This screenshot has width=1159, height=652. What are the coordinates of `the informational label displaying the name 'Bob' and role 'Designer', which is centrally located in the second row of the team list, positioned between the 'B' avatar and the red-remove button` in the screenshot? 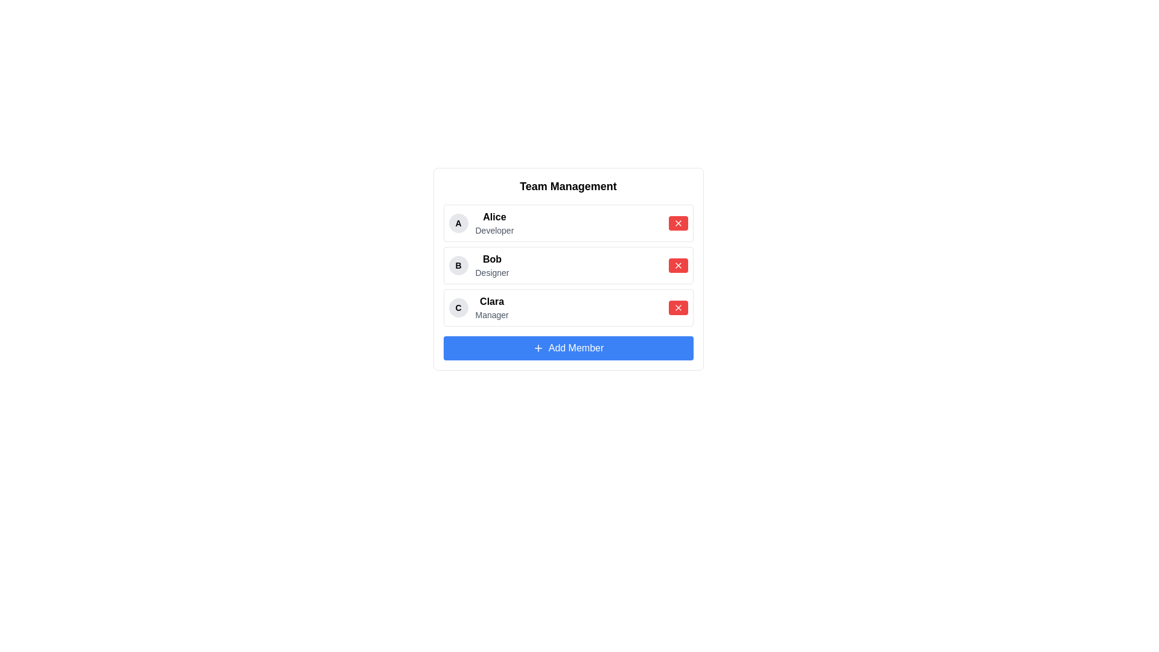 It's located at (492, 264).